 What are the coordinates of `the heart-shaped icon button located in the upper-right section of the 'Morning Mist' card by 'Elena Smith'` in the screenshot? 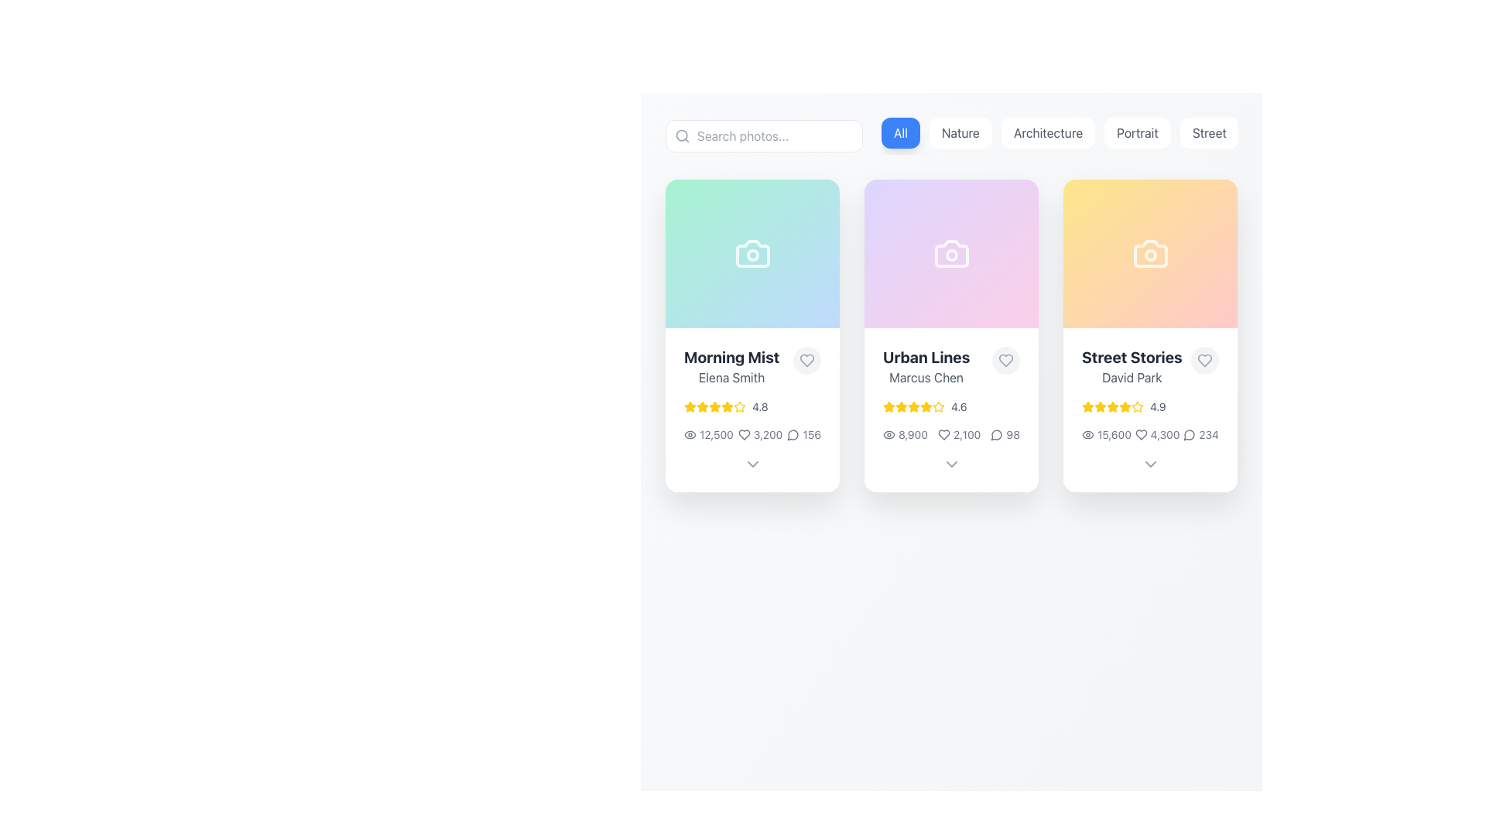 It's located at (806, 361).